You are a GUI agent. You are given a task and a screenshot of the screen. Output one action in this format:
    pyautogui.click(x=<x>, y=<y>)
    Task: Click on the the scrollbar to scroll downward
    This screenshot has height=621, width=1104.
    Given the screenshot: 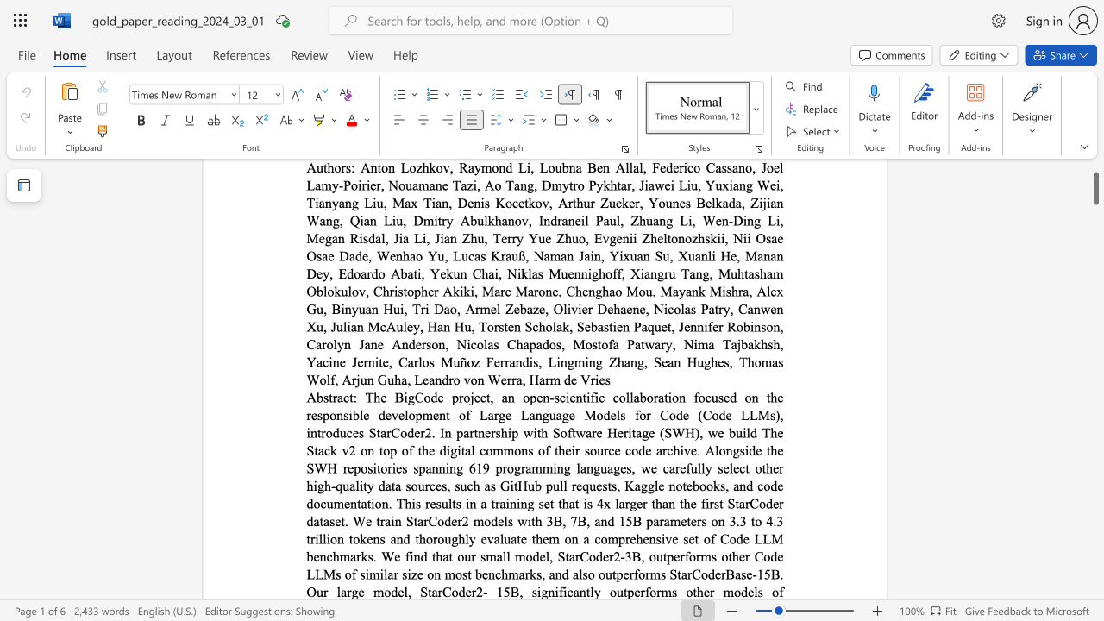 What is the action you would take?
    pyautogui.click(x=1095, y=241)
    